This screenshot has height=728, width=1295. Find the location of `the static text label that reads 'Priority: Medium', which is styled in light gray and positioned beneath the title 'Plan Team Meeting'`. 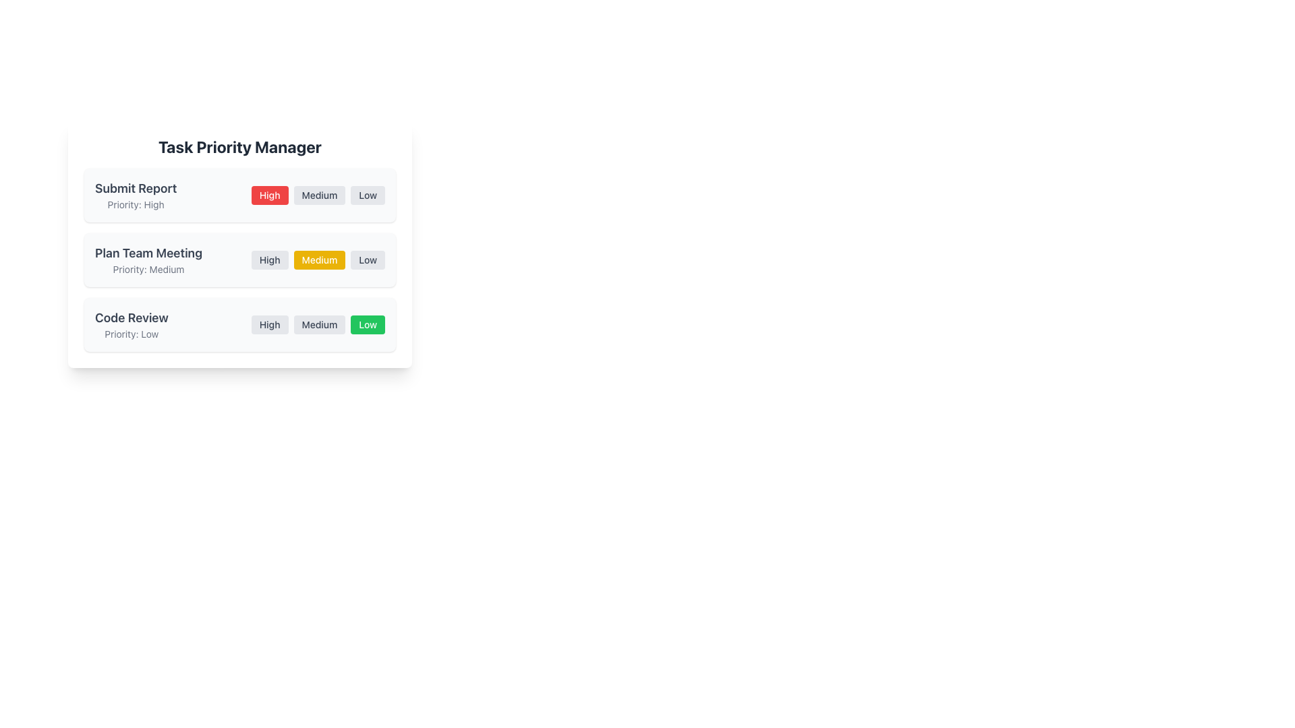

the static text label that reads 'Priority: Medium', which is styled in light gray and positioned beneath the title 'Plan Team Meeting' is located at coordinates (148, 270).